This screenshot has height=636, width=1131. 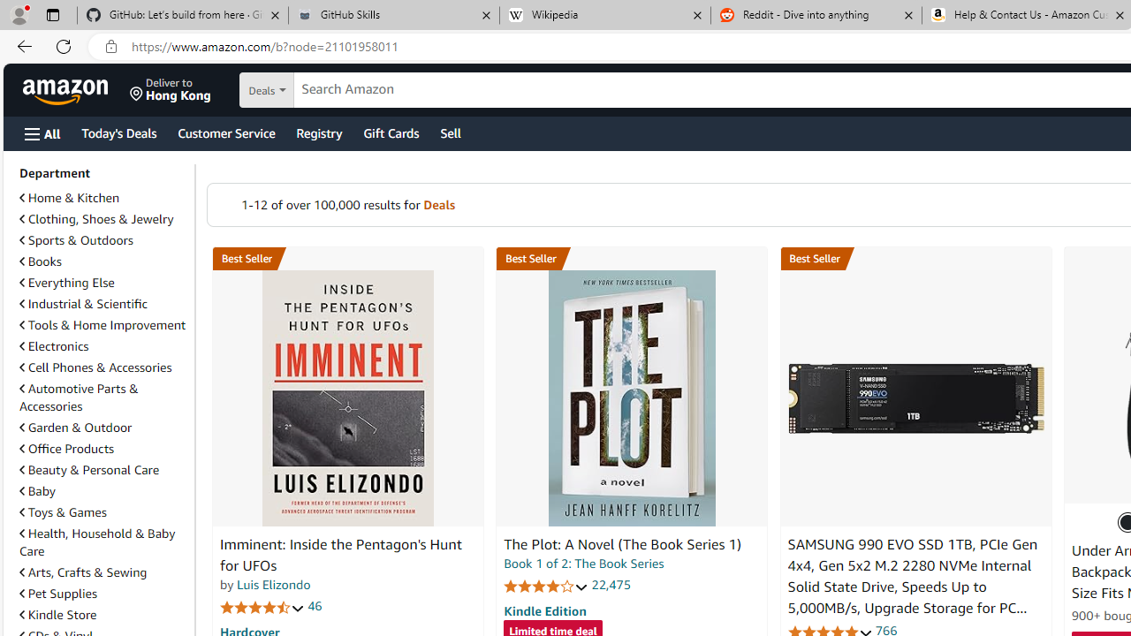 What do you see at coordinates (102, 469) in the screenshot?
I see `'Beauty & Personal Care'` at bounding box center [102, 469].